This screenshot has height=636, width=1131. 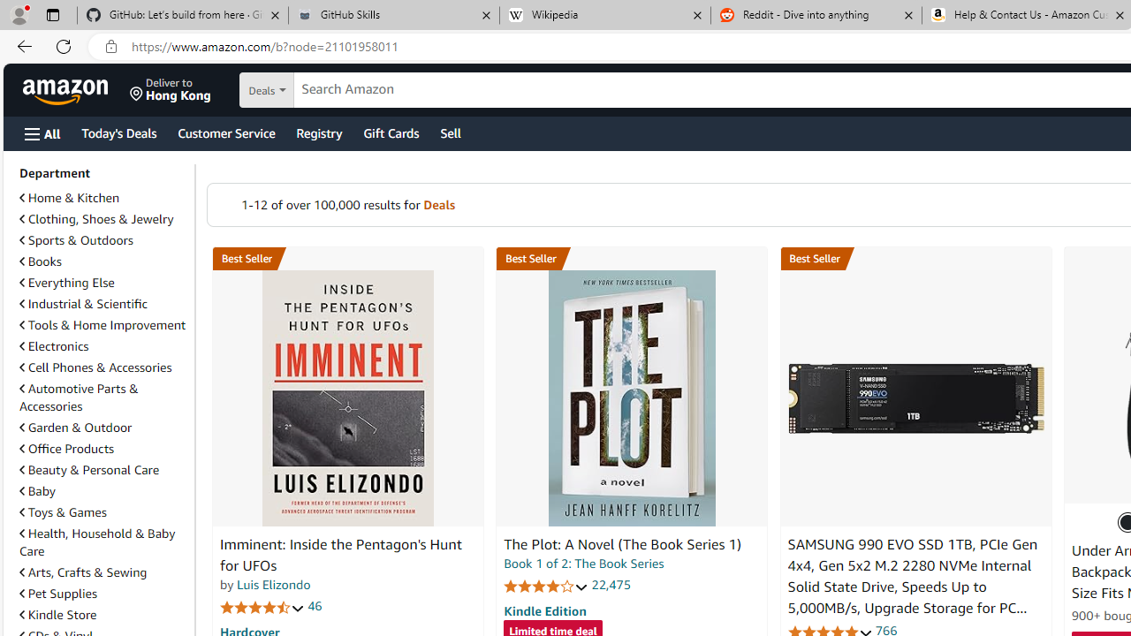 What do you see at coordinates (102, 469) in the screenshot?
I see `'Beauty & Personal Care'` at bounding box center [102, 469].